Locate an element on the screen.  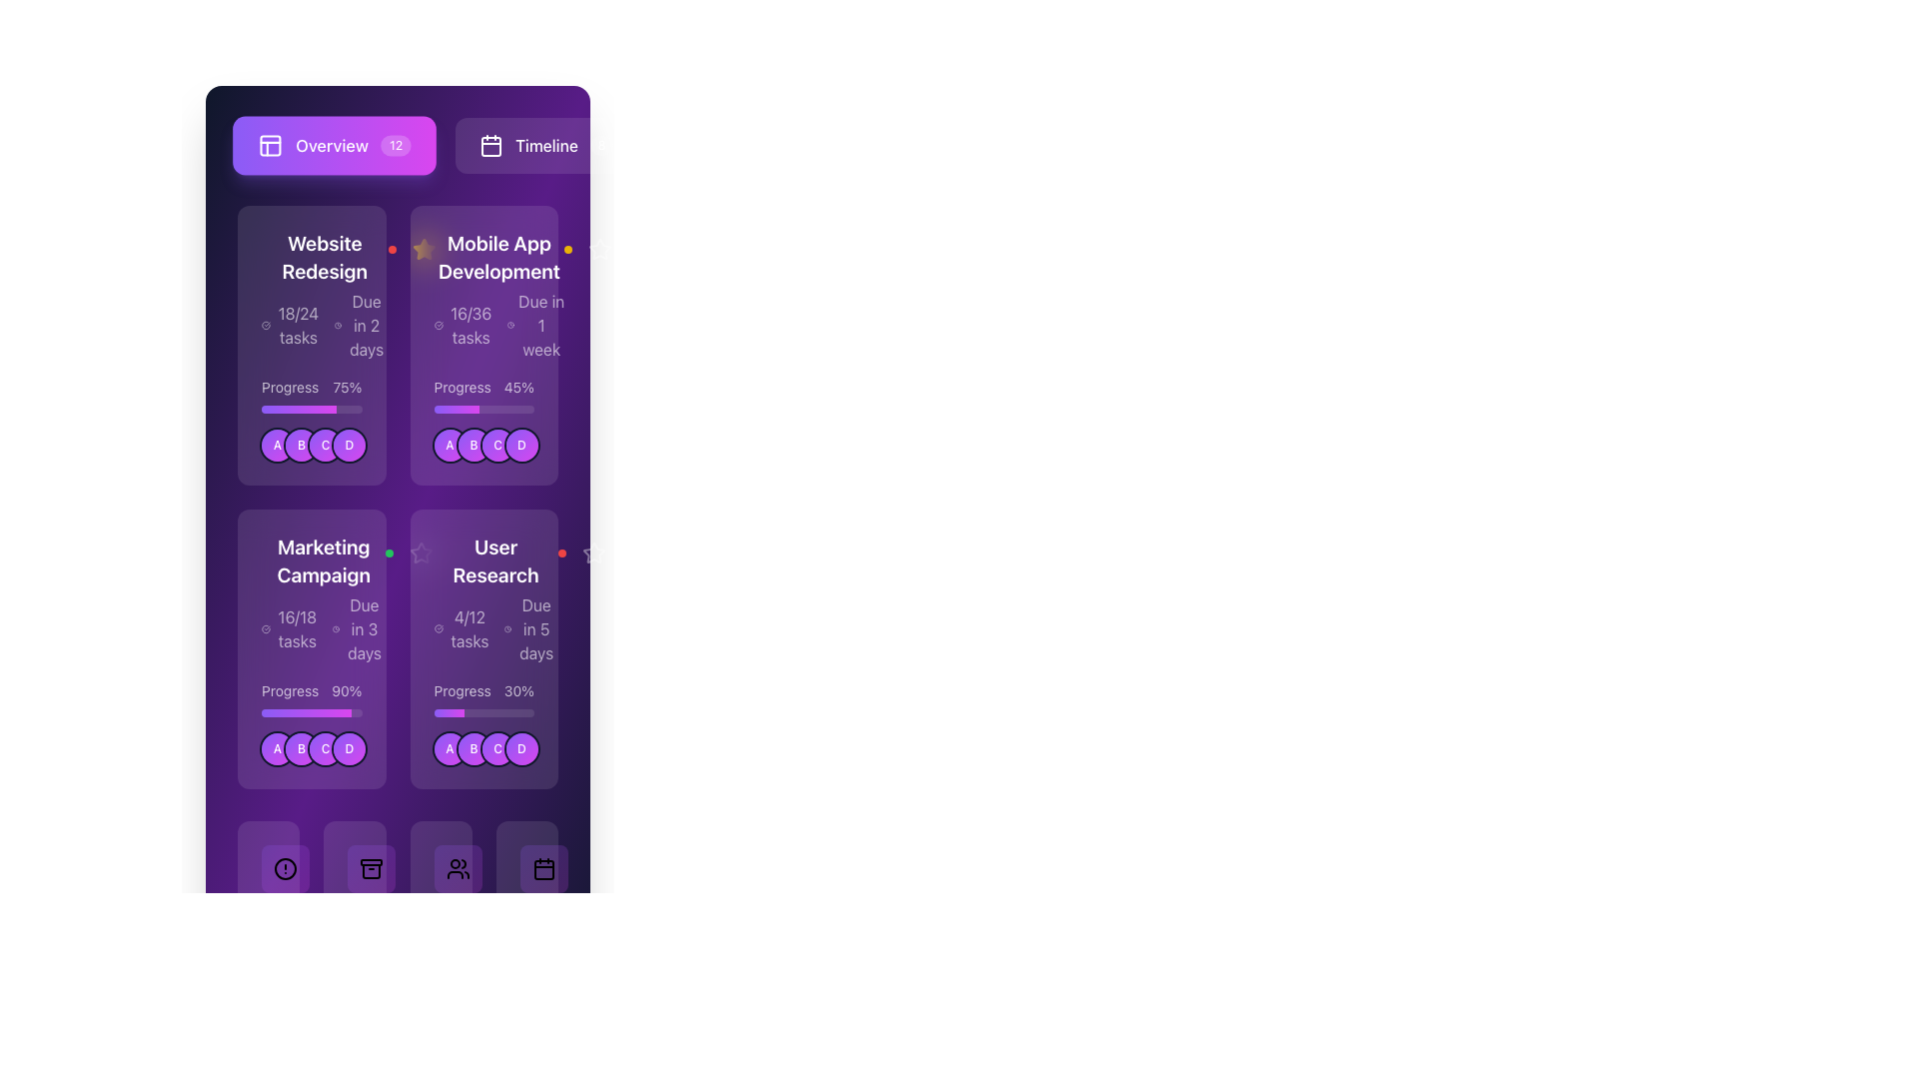
the third circular icon labeled 'C' in the progress section of the 'Website Redesign' task card, which serves as a static visual indicator or avatar is located at coordinates (326, 445).